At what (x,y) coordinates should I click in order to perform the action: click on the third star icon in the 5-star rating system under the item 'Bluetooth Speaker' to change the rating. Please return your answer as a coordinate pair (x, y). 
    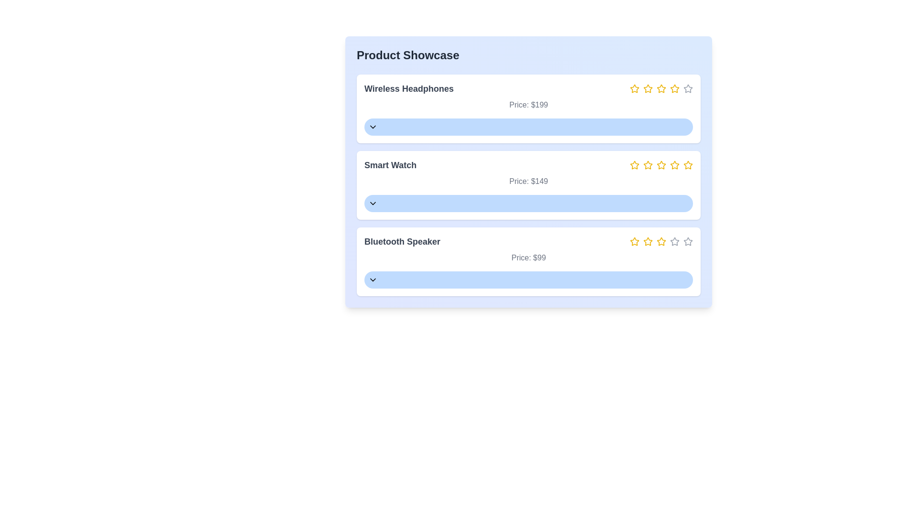
    Looking at the image, I should click on (660, 241).